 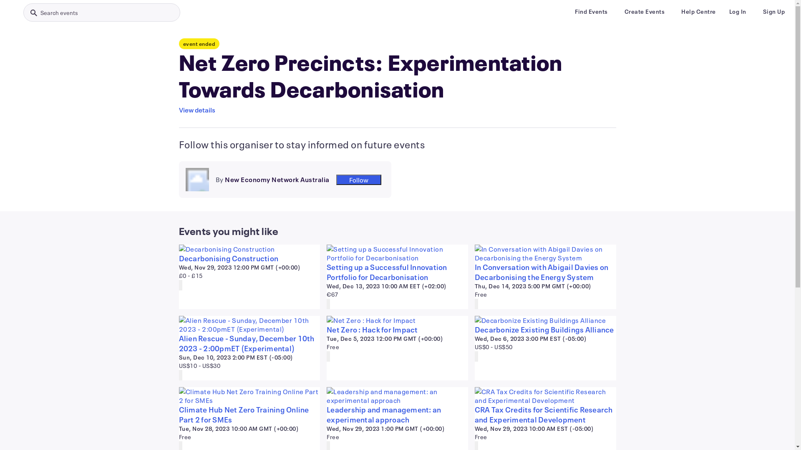 What do you see at coordinates (178, 258) in the screenshot?
I see `'Decarbonising Construction'` at bounding box center [178, 258].